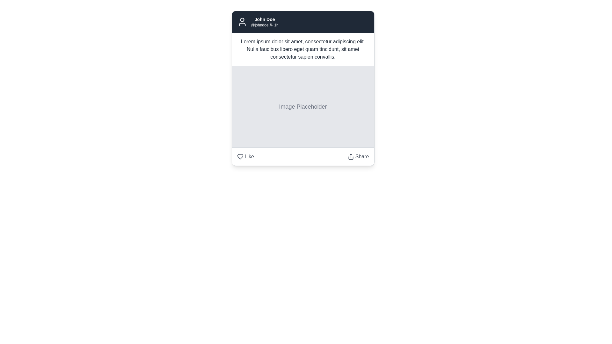 The image size is (612, 344). I want to click on the 'like' text label located at the bottom left of the card interface, directly to the right of the heart-shaped icon, so click(249, 157).